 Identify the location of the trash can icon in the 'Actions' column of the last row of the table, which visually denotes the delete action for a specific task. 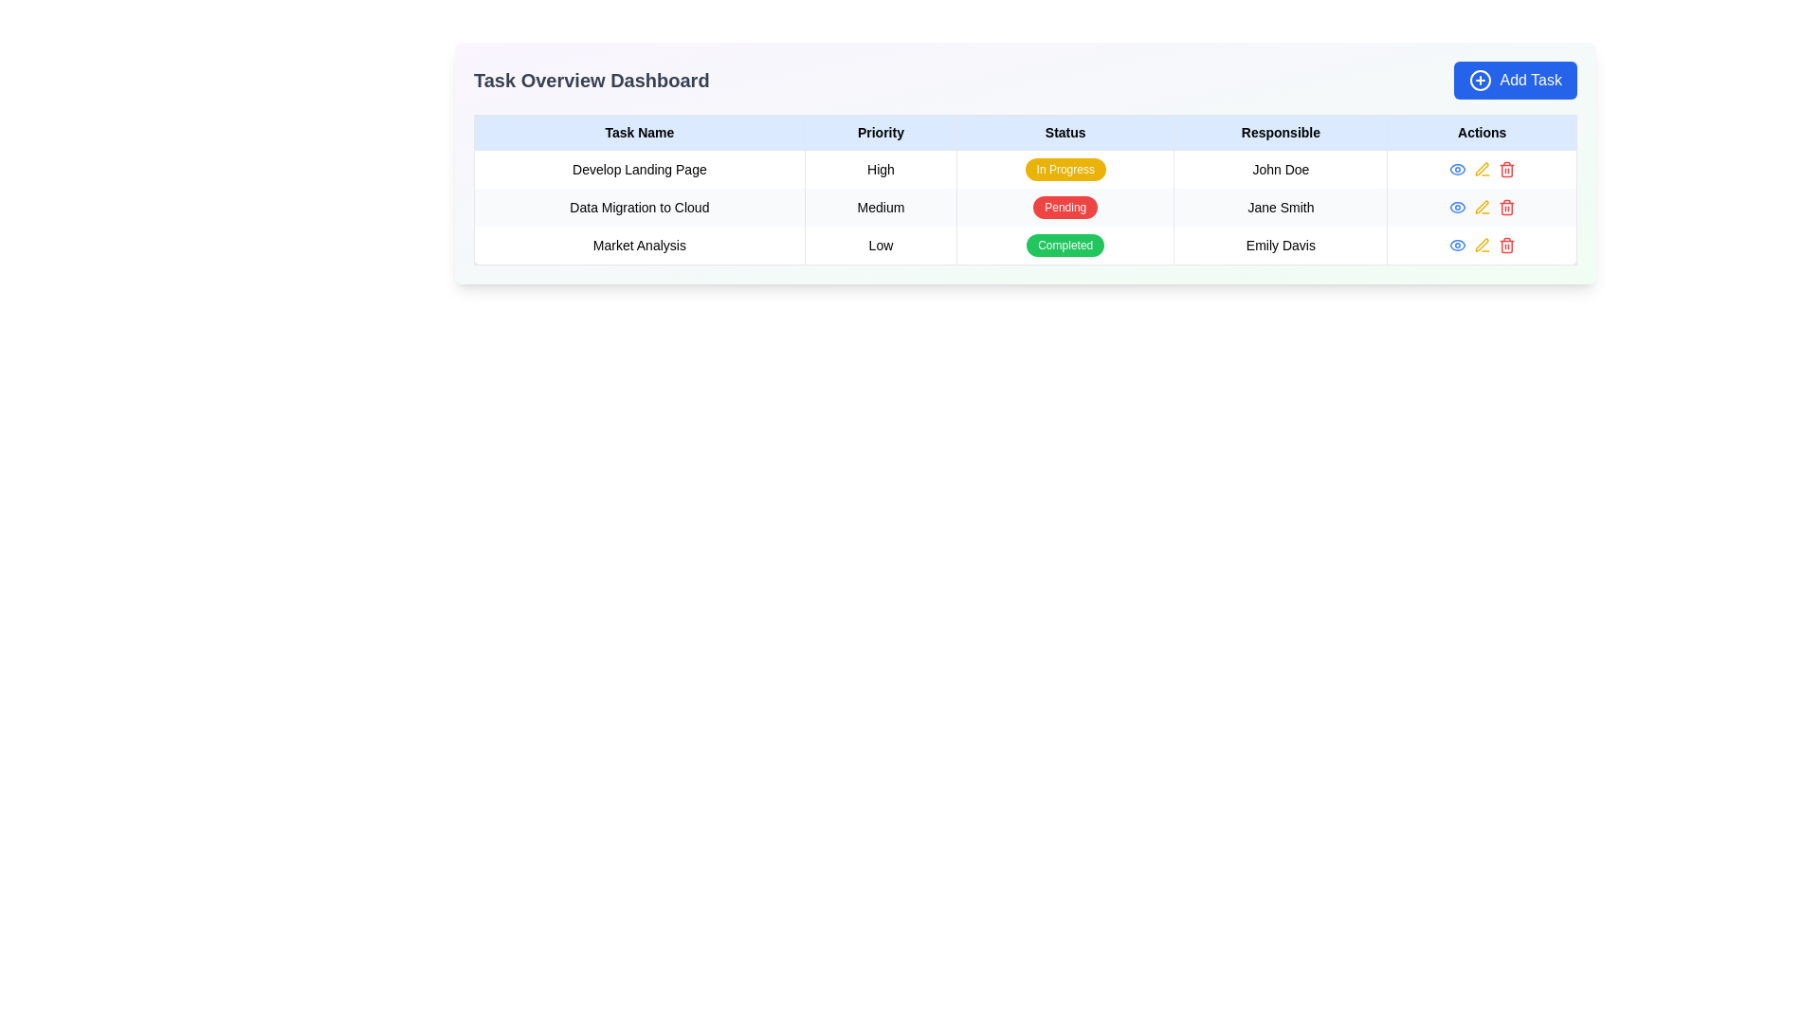
(1505, 209).